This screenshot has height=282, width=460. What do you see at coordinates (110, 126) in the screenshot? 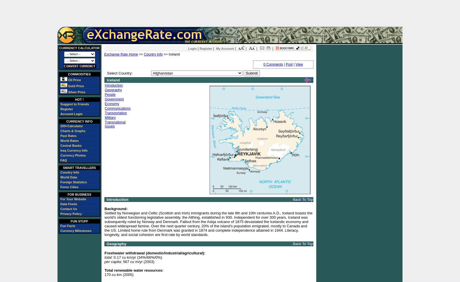
I see `'Issues'` at bounding box center [110, 126].